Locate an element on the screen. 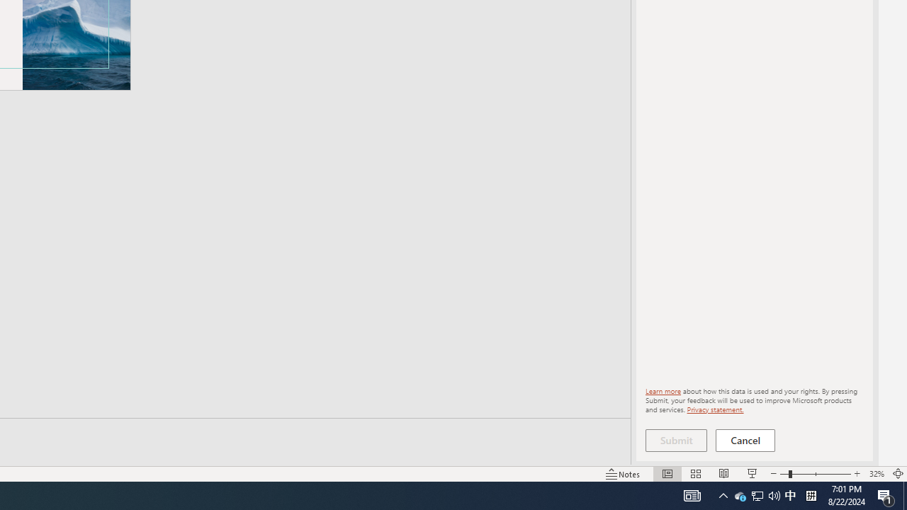  'Normal' is located at coordinates (667, 474).